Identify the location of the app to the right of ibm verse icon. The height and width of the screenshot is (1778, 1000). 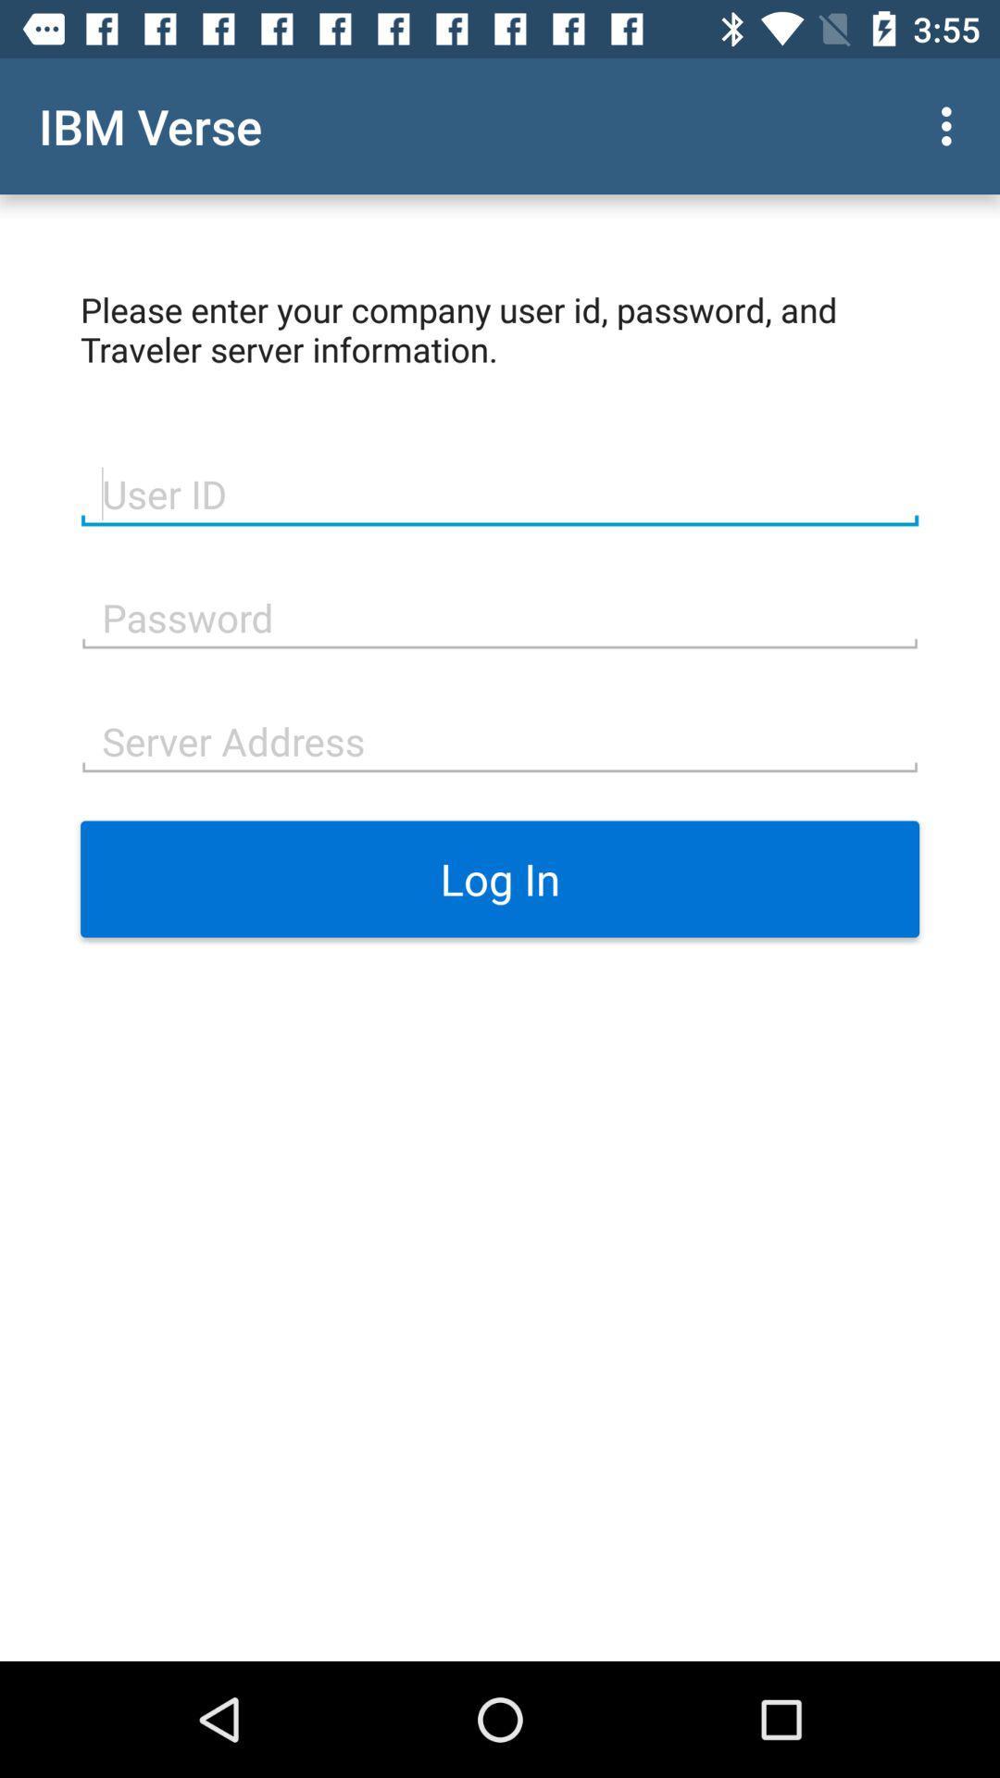
(951, 125).